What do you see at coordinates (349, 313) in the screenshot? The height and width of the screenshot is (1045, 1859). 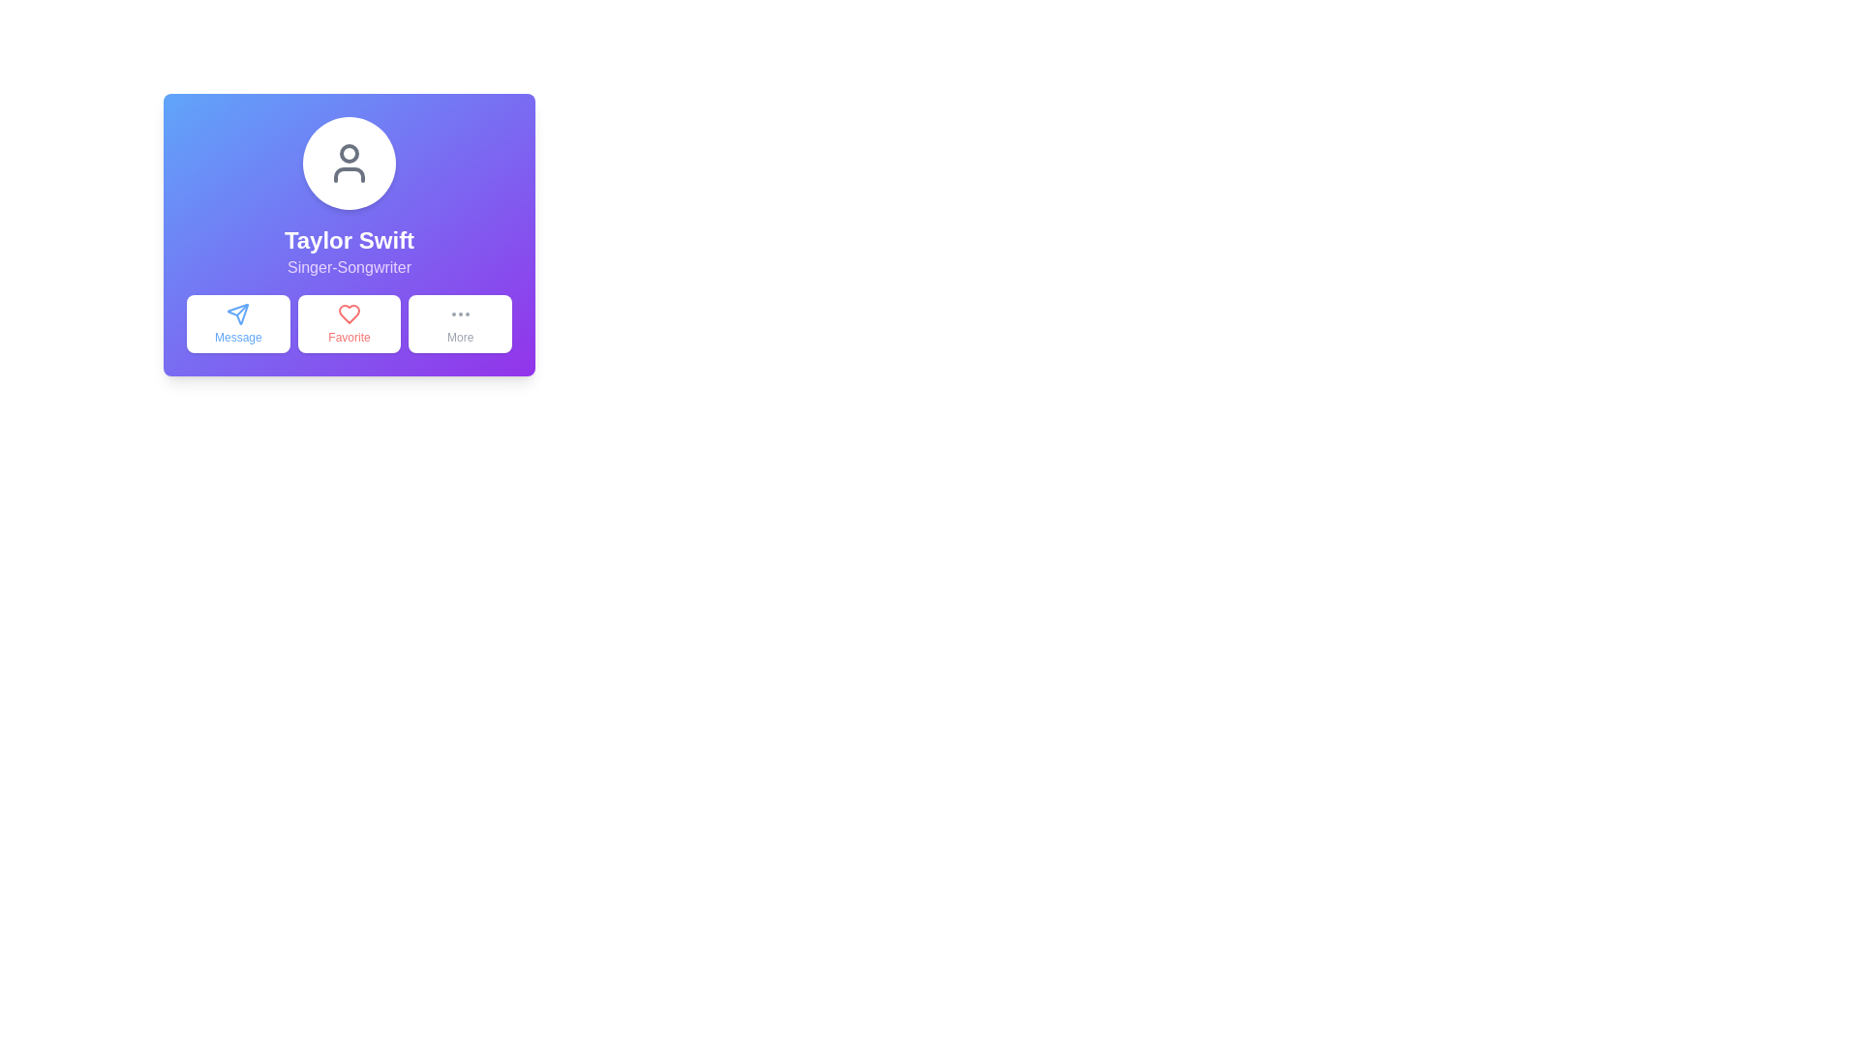 I see `the 'Favorite' icon located in the second button from the left in a row of three buttons at the bottom of a card section displaying the profile of 'Taylor Swift'` at bounding box center [349, 313].